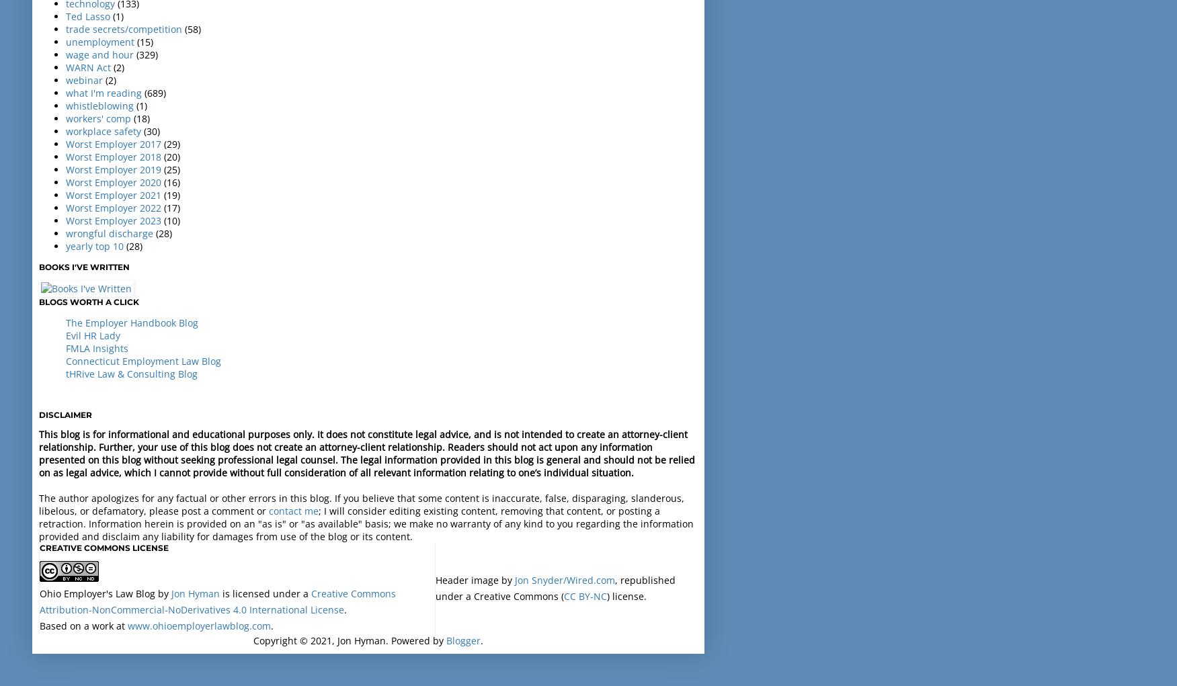 The width and height of the screenshot is (1177, 686). I want to click on 'trade secrets/competition', so click(124, 28).